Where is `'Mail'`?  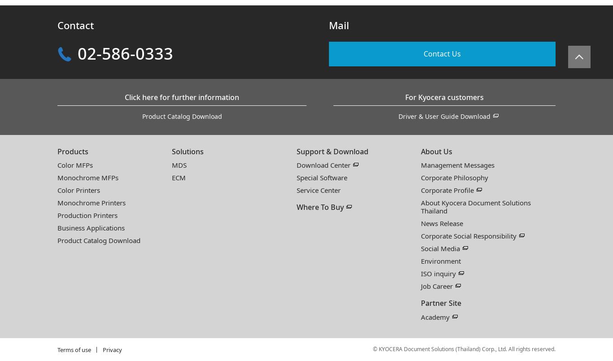 'Mail' is located at coordinates (339, 25).